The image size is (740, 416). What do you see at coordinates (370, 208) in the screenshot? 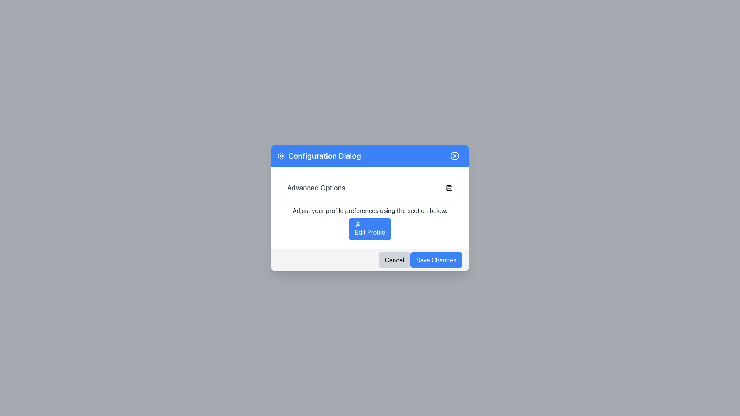
I see `the input areas or text sections of the centered modal dialog box with a white background and rounded corners` at bounding box center [370, 208].